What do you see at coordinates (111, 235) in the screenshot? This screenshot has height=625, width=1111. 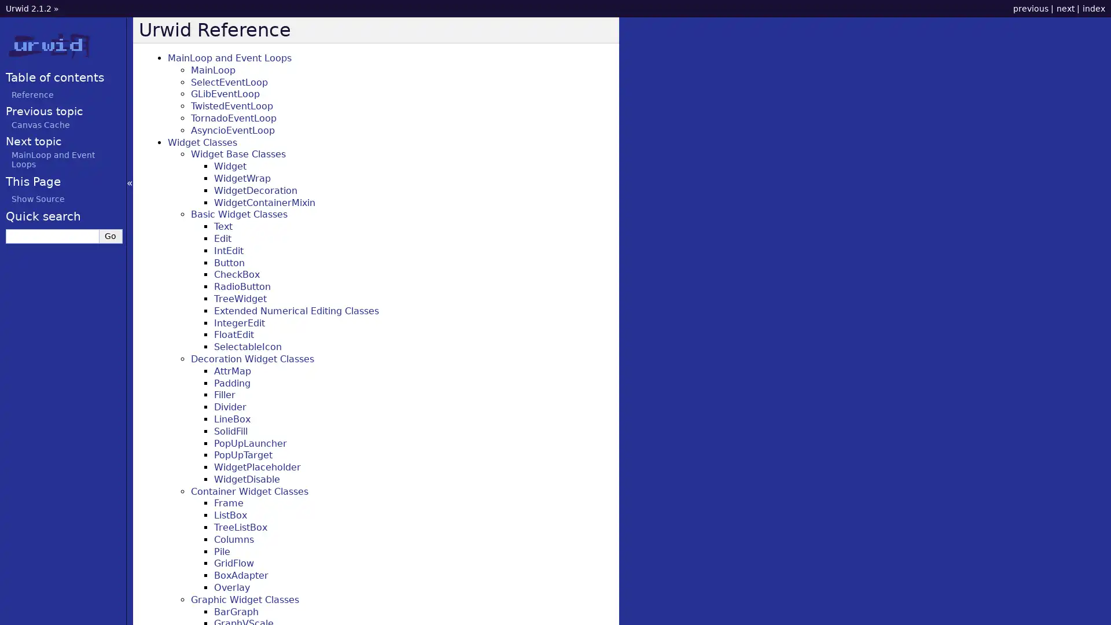 I see `Go` at bounding box center [111, 235].